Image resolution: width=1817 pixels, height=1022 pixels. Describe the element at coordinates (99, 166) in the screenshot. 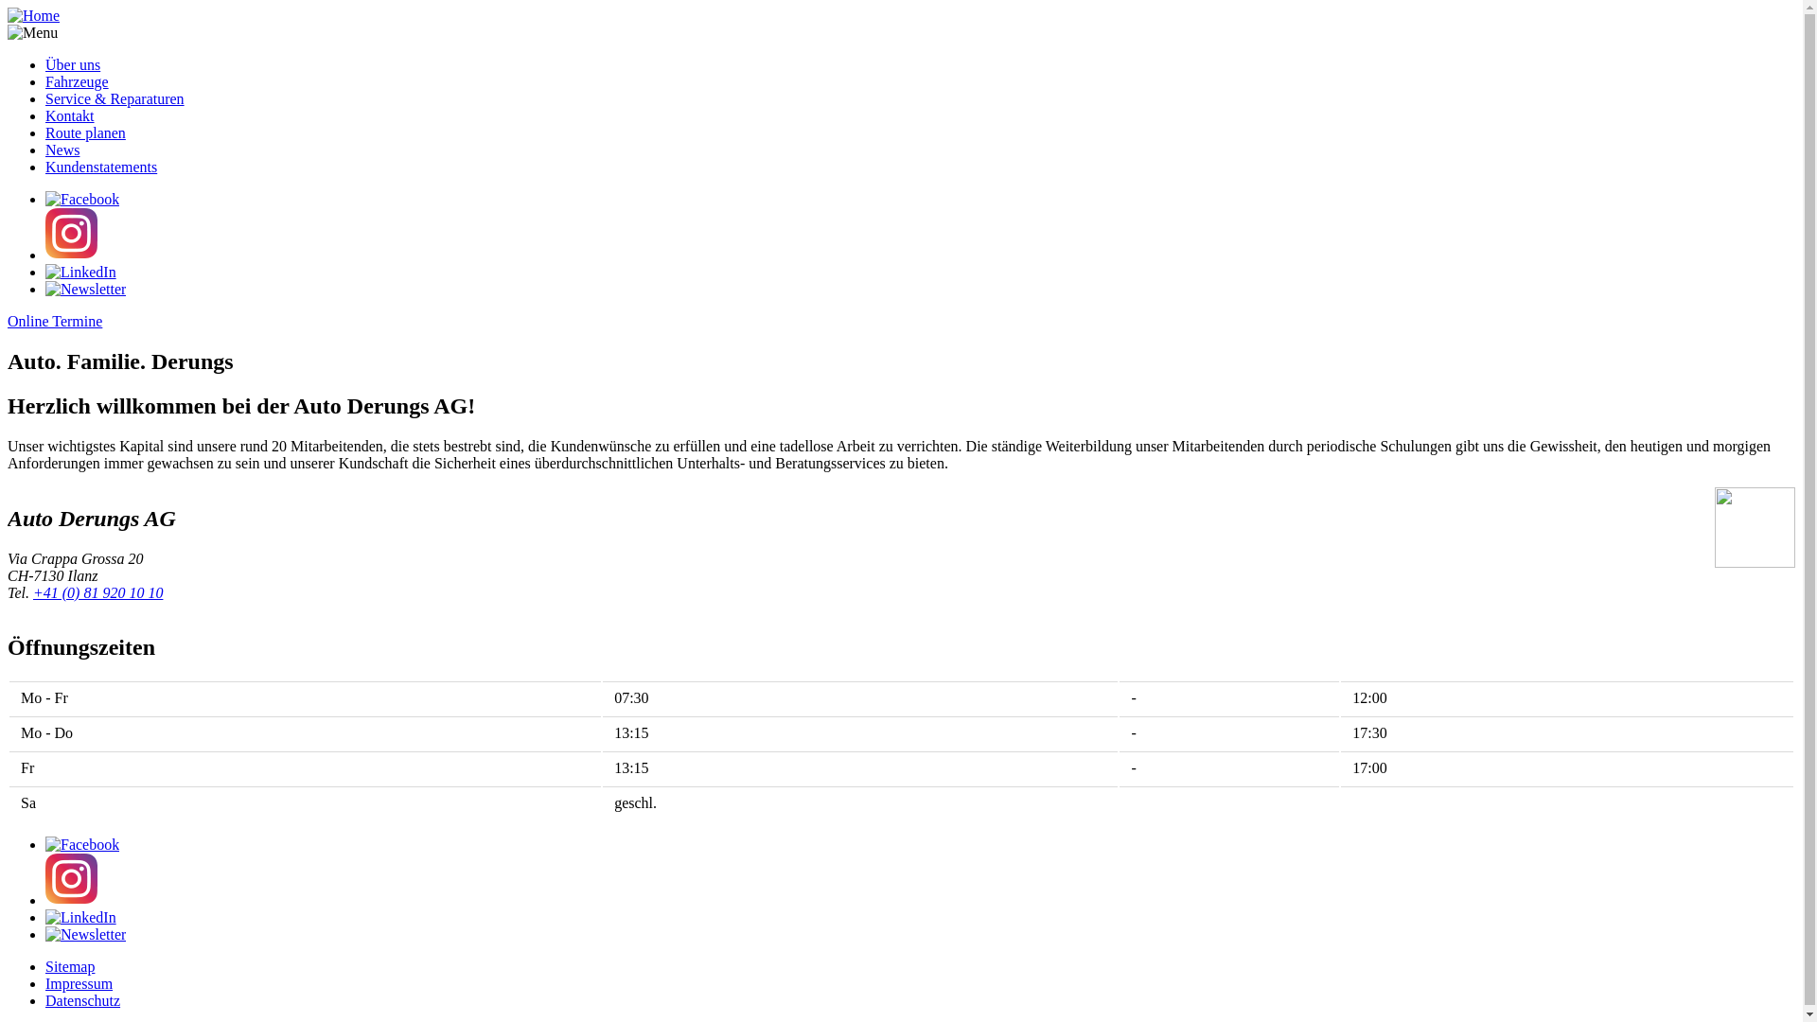

I see `'Kundenstatements'` at that location.